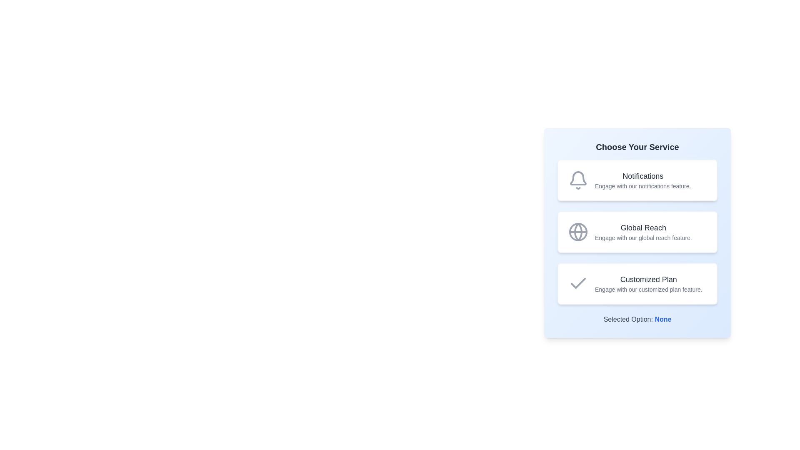 Image resolution: width=800 pixels, height=450 pixels. I want to click on the text label at the bottom of the selection menu that displays 'Selected Option:' followed by the current selection in blue font, so click(637, 319).